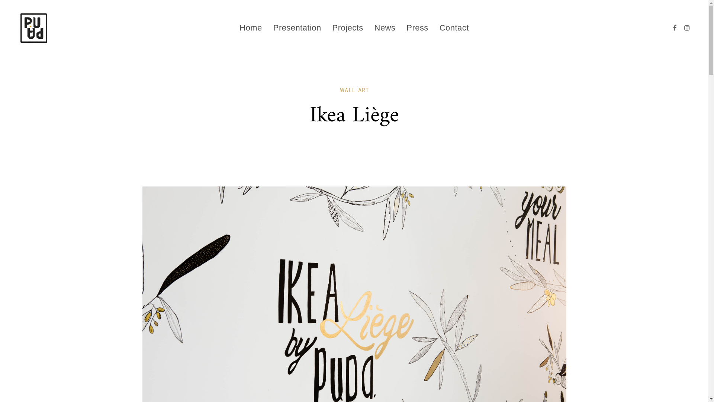 Image resolution: width=714 pixels, height=402 pixels. What do you see at coordinates (417, 27) in the screenshot?
I see `'Press'` at bounding box center [417, 27].